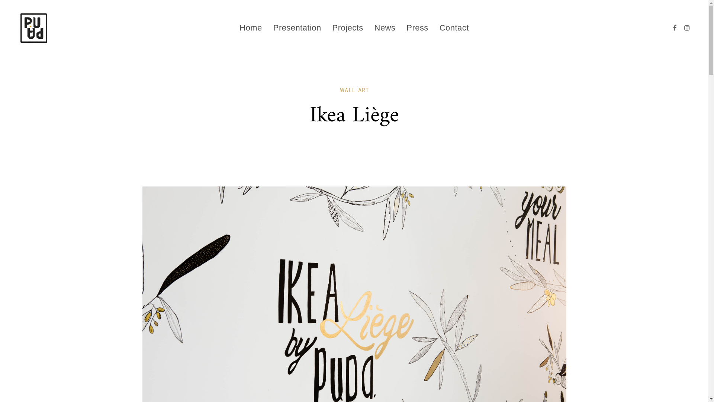 Image resolution: width=714 pixels, height=402 pixels. What do you see at coordinates (417, 27) in the screenshot?
I see `'Press'` at bounding box center [417, 27].